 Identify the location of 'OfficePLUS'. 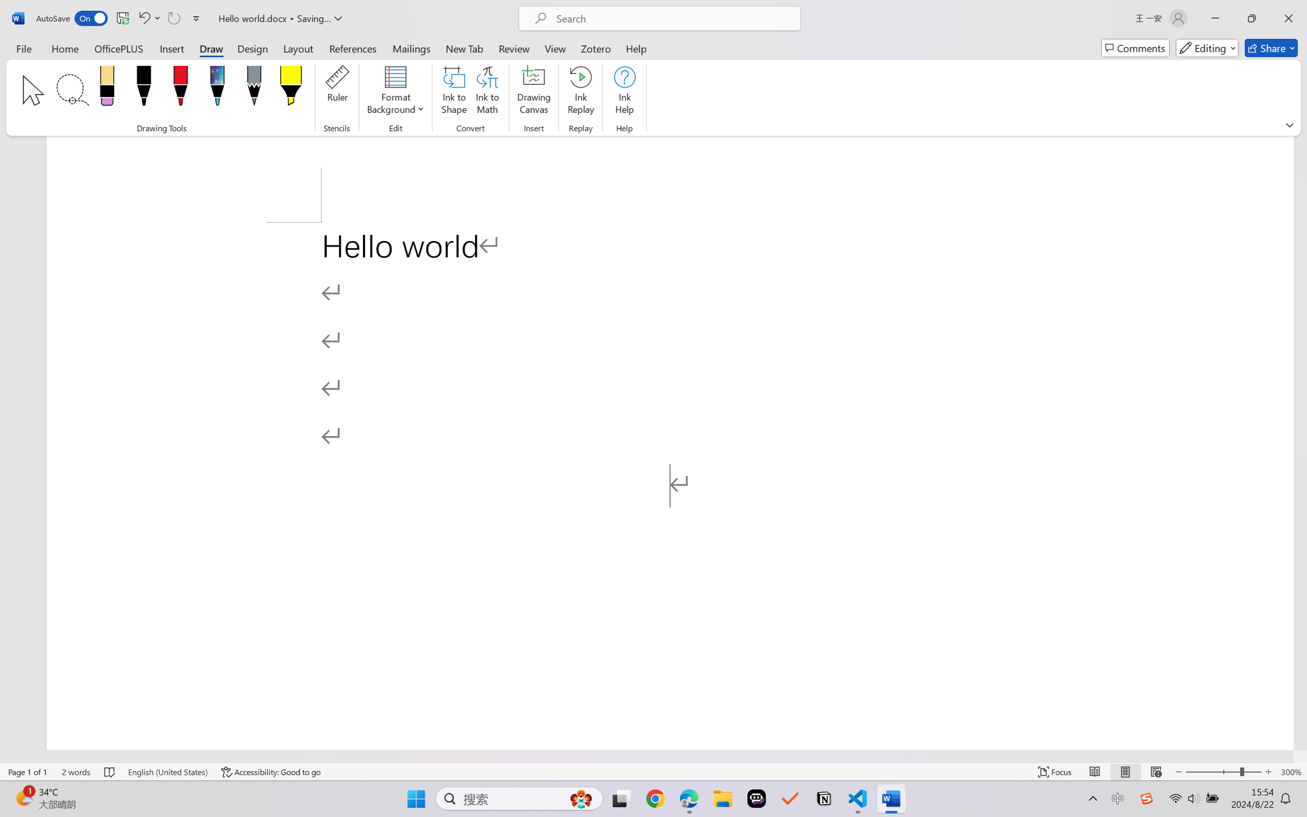
(118, 48).